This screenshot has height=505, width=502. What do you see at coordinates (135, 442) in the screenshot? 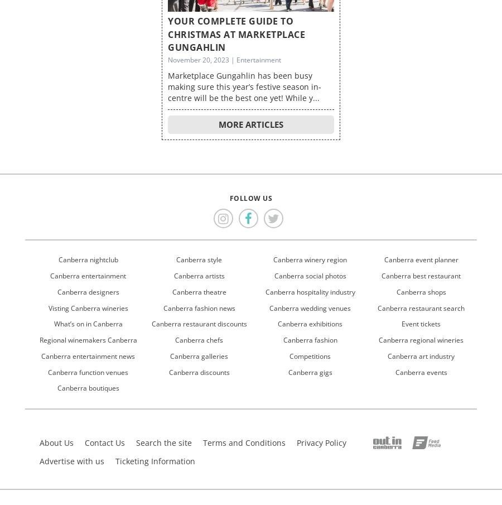
I see `'Search the site'` at bounding box center [135, 442].